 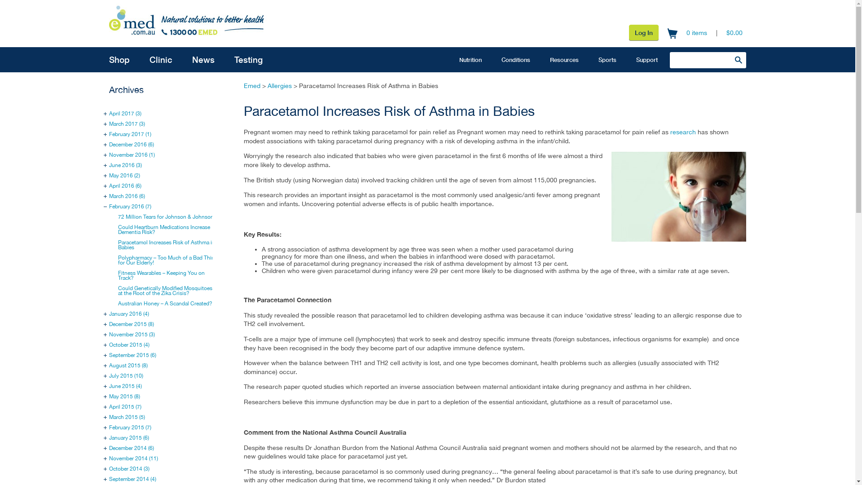 What do you see at coordinates (109, 344) in the screenshot?
I see `'October 2015 (4)'` at bounding box center [109, 344].